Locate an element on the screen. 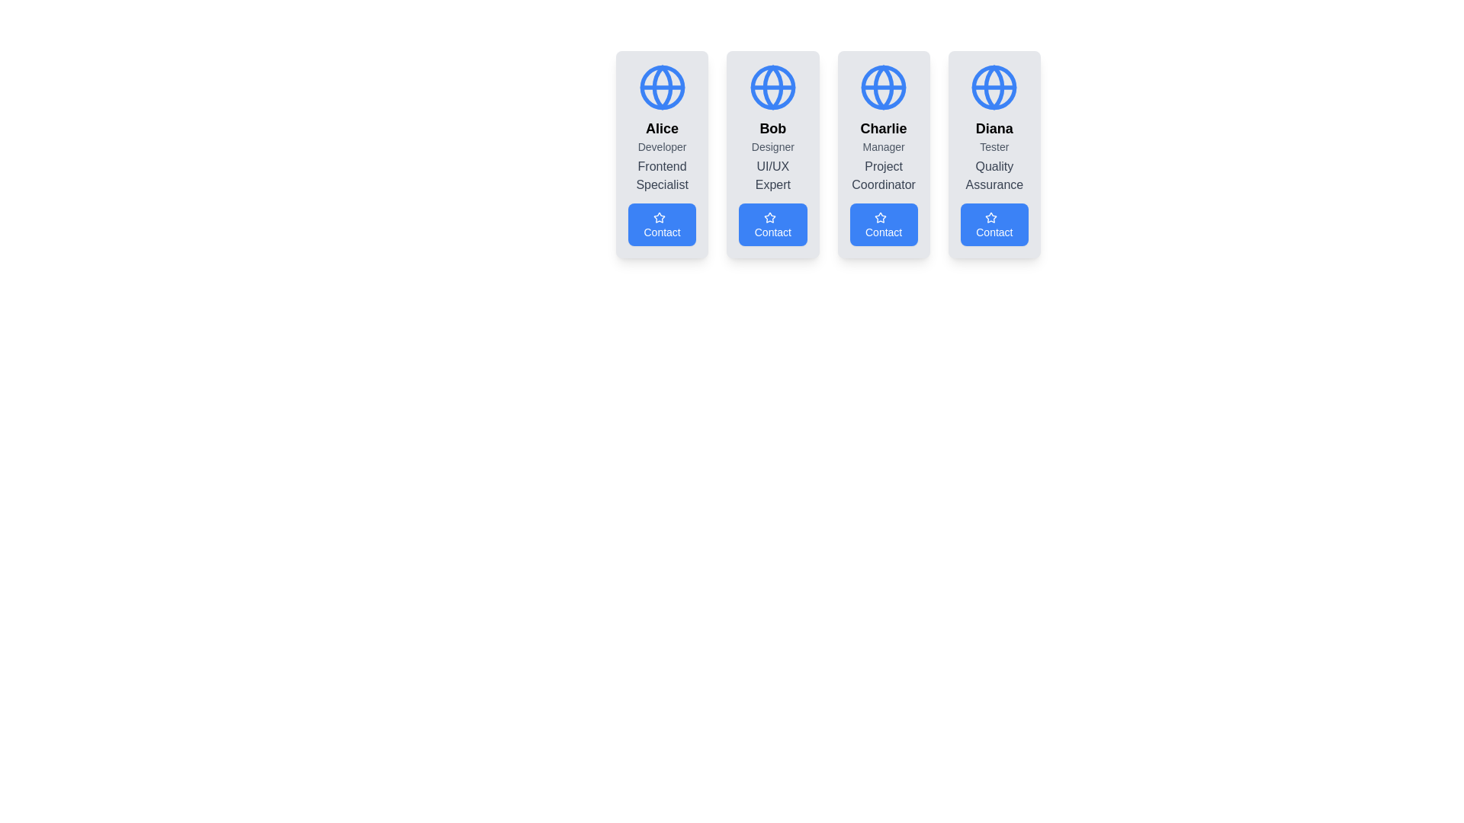 The image size is (1464, 823). the star SVG icon located at the bottom of the 'Contact' button in the second column labeled 'Bob' is located at coordinates (769, 218).